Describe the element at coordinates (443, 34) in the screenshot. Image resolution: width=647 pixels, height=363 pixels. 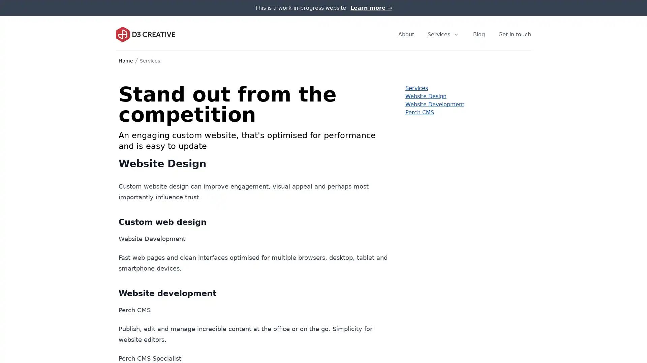
I see `Services` at that location.